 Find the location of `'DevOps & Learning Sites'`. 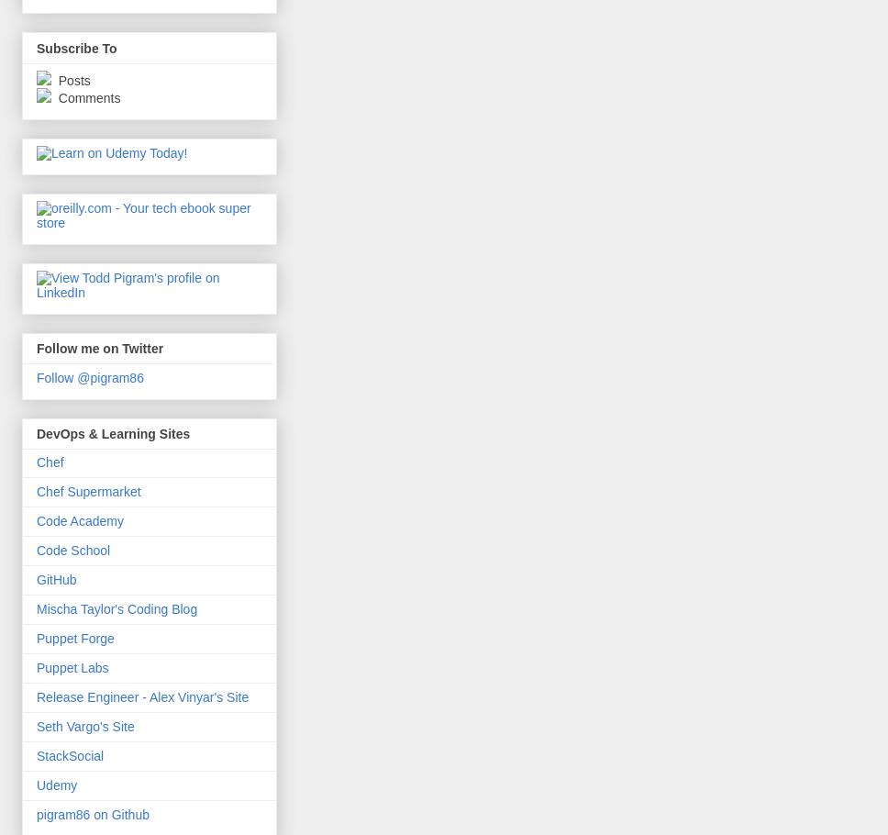

'DevOps & Learning Sites' is located at coordinates (112, 433).